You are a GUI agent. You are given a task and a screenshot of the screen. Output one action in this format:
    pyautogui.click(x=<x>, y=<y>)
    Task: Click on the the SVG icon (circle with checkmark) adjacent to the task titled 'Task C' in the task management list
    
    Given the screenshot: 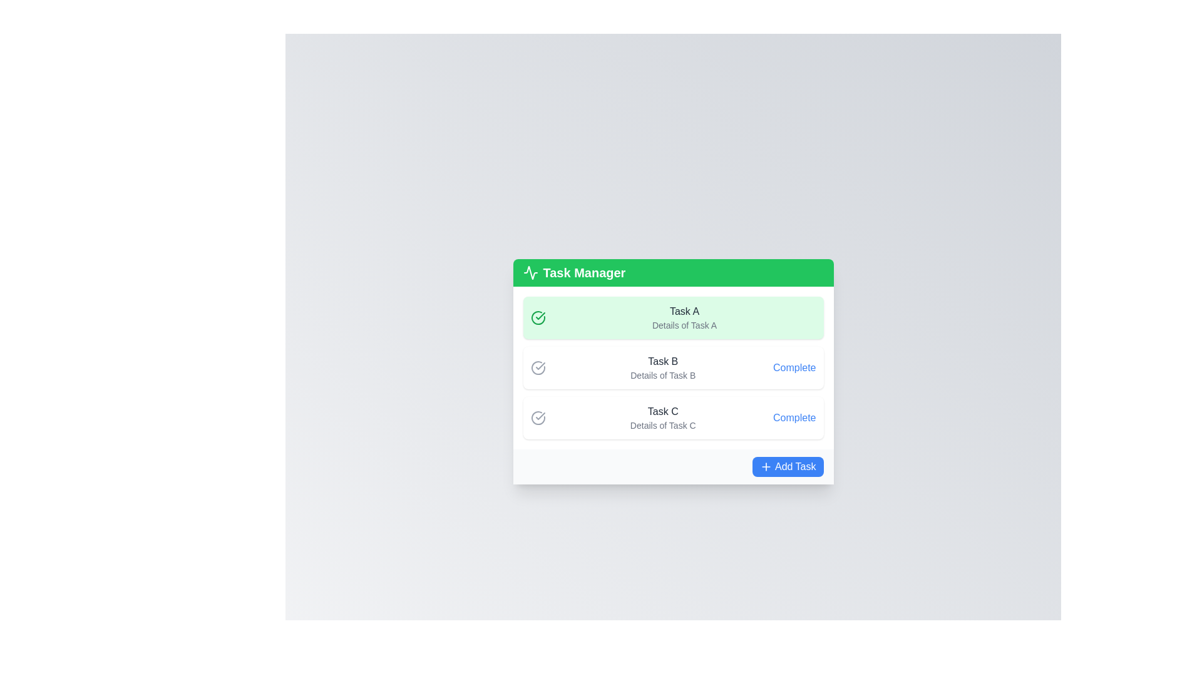 What is the action you would take?
    pyautogui.click(x=538, y=417)
    